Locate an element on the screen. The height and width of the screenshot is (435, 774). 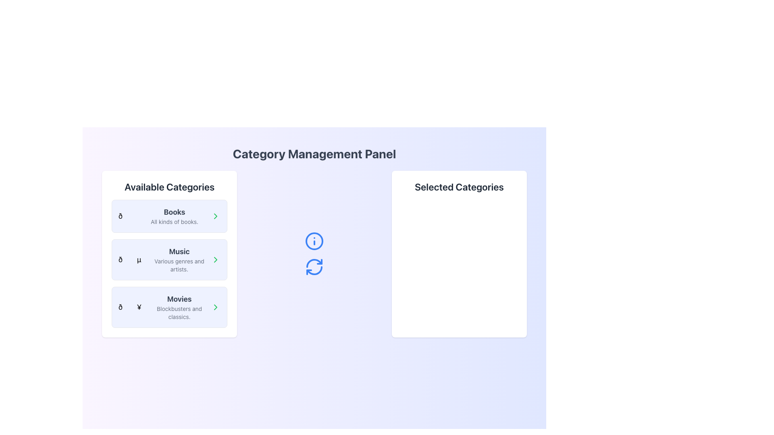
the refresh icon, which is a circular SVG element located centrally below the 'Information' icon, between 'Available Categories' and 'Selected Categories' is located at coordinates (319, 262).